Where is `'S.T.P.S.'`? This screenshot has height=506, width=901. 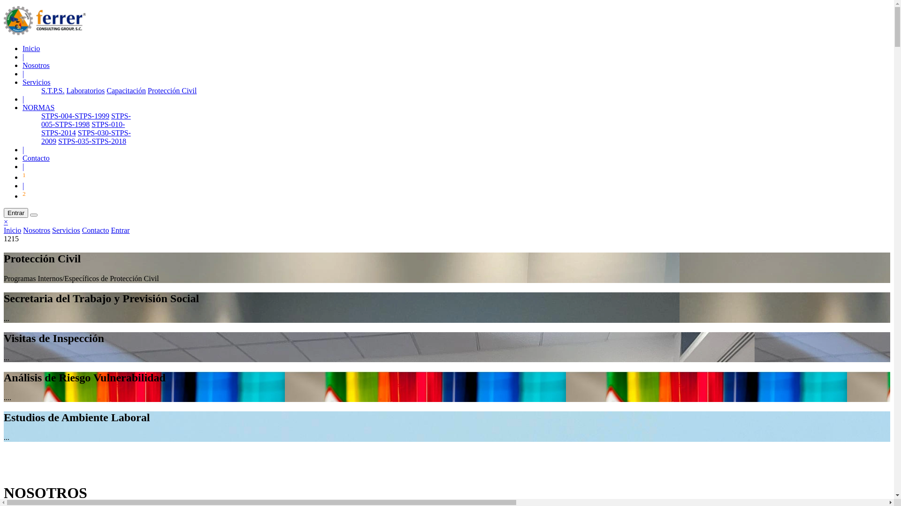
'S.T.P.S.' is located at coordinates (53, 90).